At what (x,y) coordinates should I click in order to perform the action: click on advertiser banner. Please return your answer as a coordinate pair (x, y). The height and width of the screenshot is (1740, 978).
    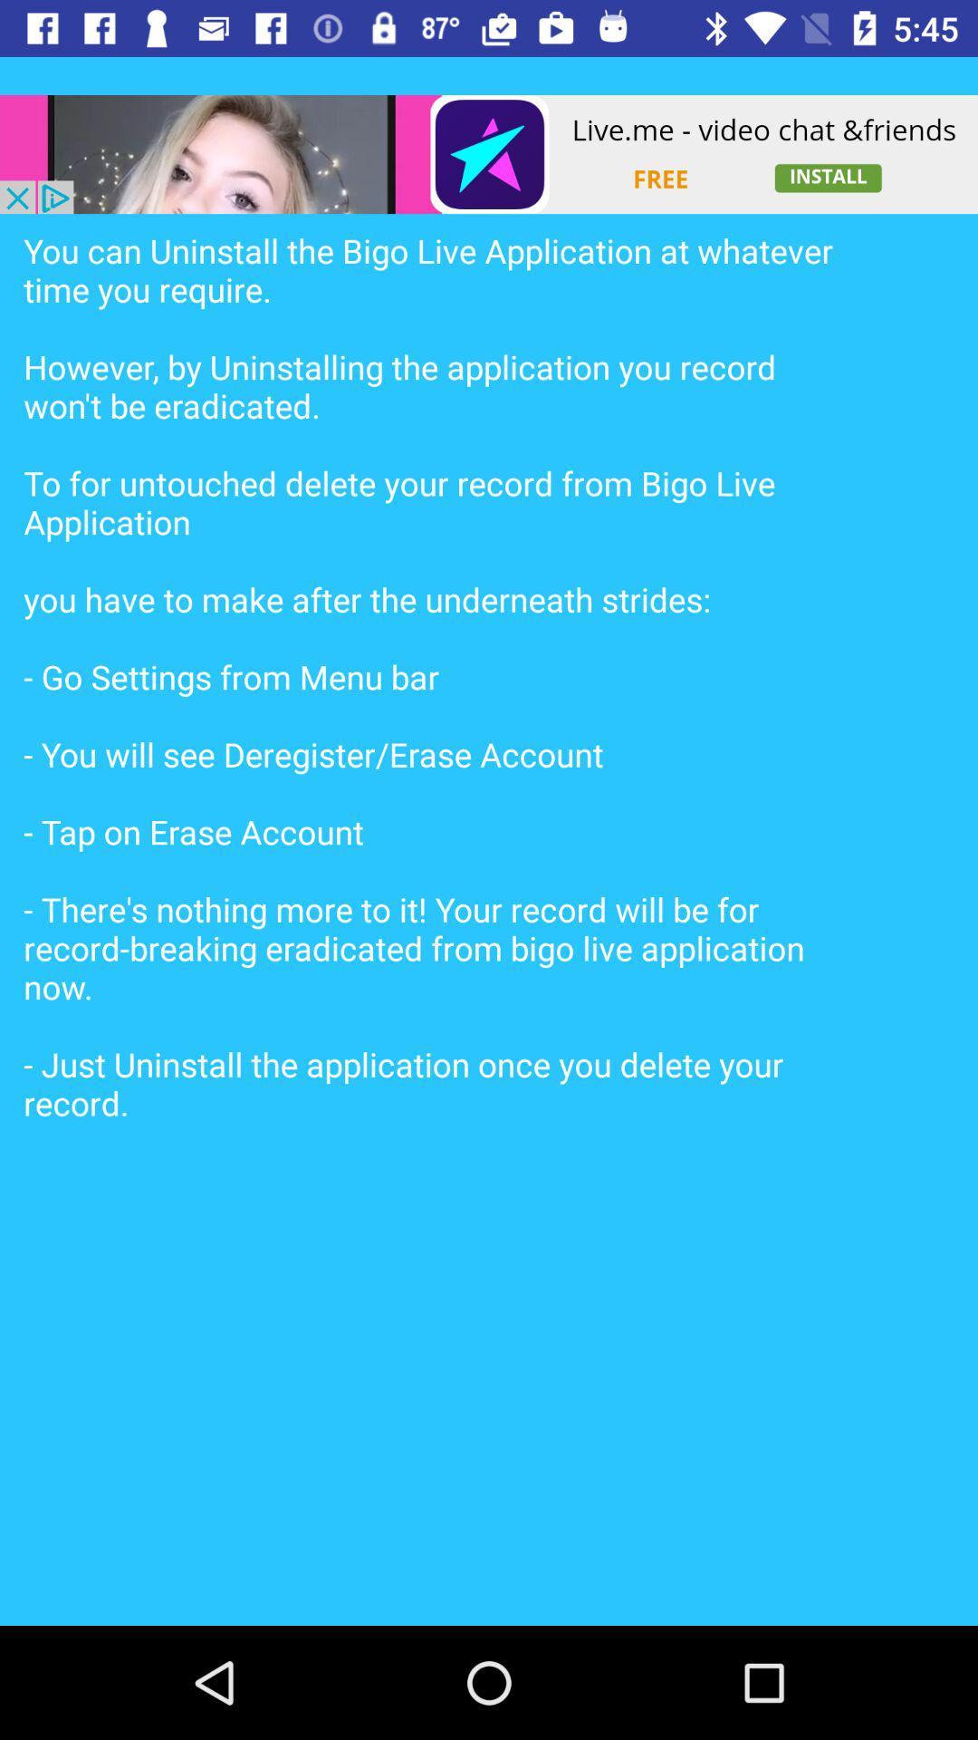
    Looking at the image, I should click on (489, 154).